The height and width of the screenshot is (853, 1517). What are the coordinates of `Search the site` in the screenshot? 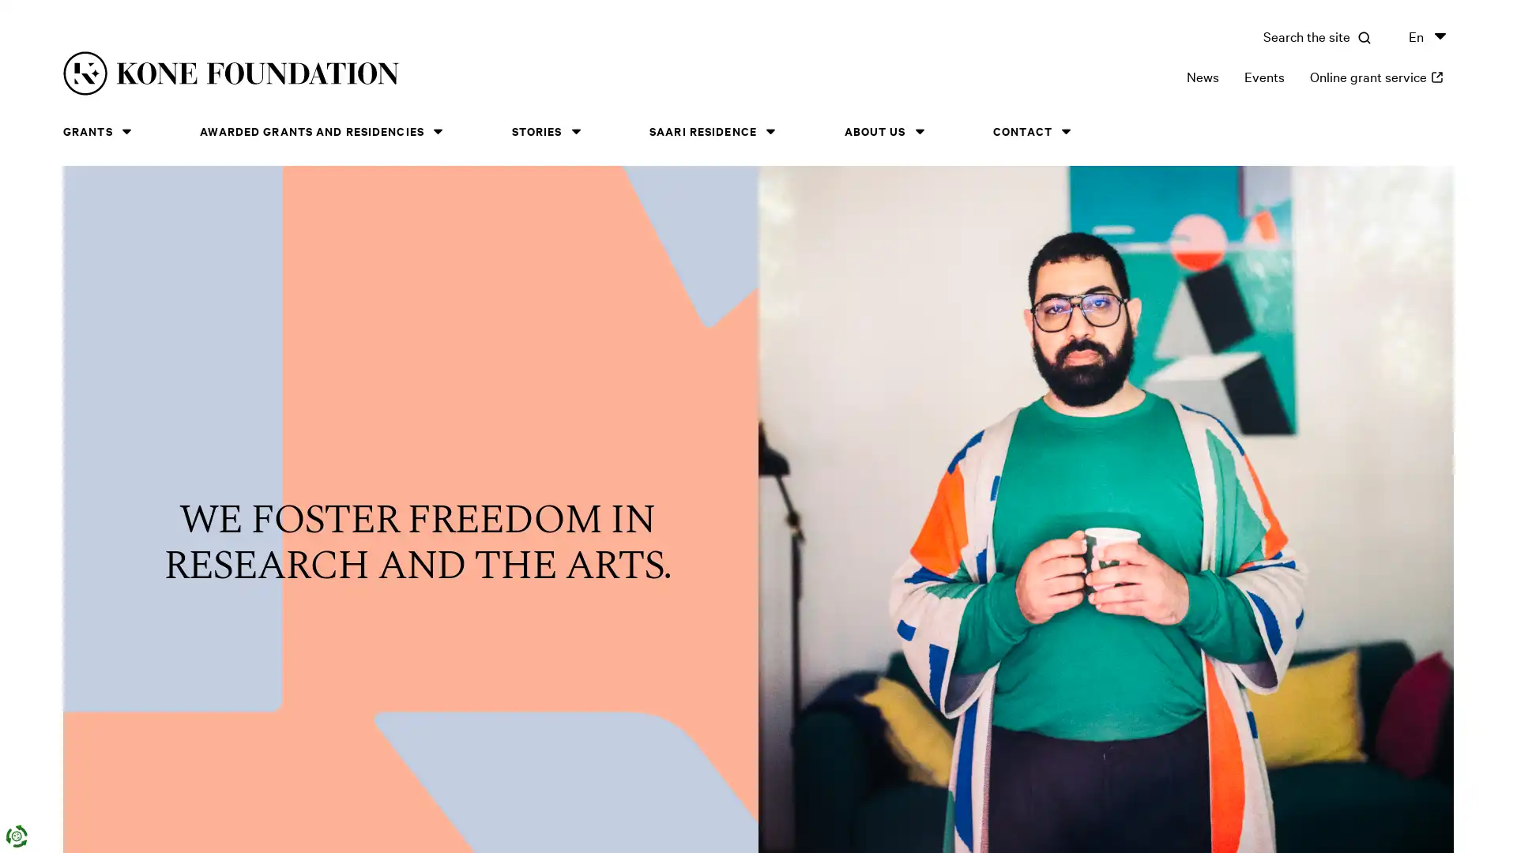 It's located at (1316, 36).